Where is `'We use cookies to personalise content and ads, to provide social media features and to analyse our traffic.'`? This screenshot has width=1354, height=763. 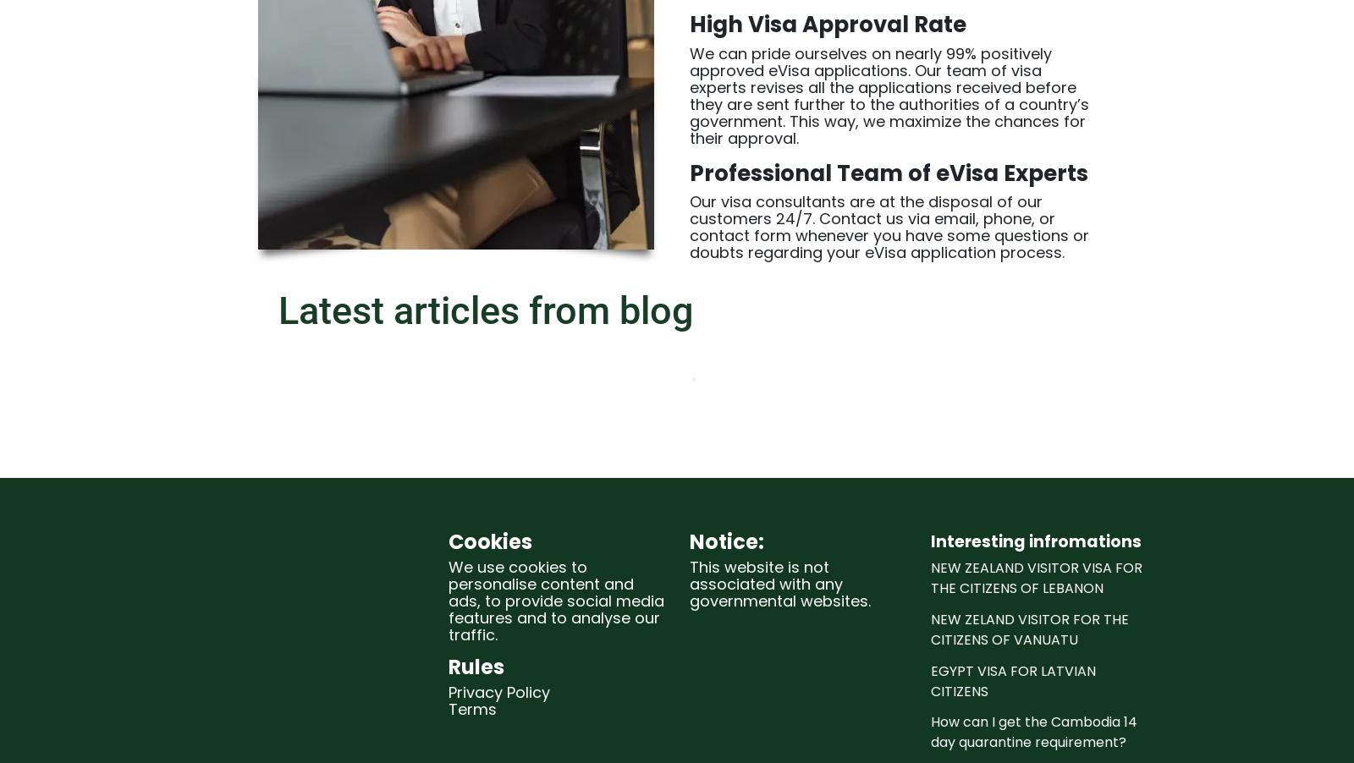 'We use cookies to personalise content and ads, to provide social media features and to analyse our traffic.' is located at coordinates (556, 600).